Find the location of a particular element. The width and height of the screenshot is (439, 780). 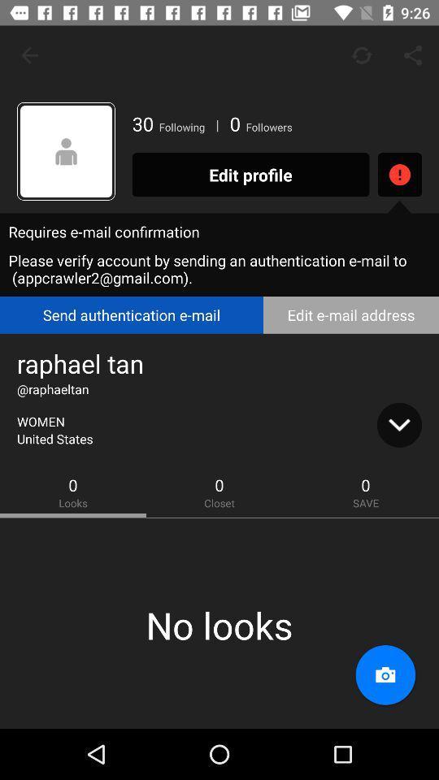

take a profile picture is located at coordinates (385, 675).